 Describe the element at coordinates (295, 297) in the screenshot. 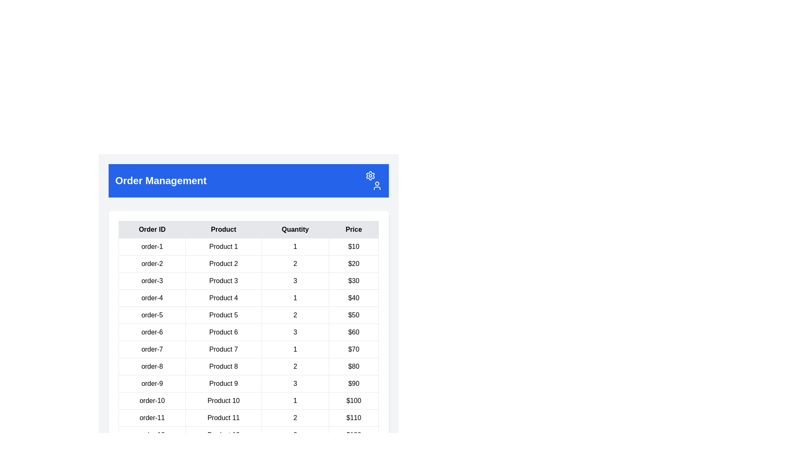

I see `the table cell displaying the number '1', which is the third cell in the row labeled 'order-4' in the table located below the blue banner titled 'Order Management'` at that location.